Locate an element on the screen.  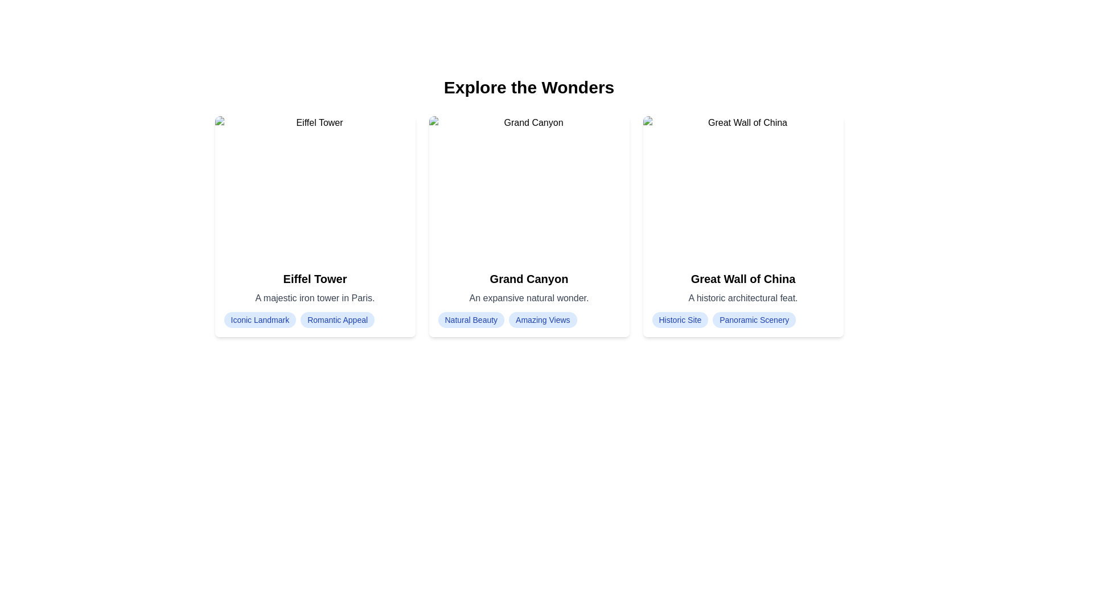
the tag element that provides additional context for the 'Eiffel Tower' is located at coordinates (337, 320).